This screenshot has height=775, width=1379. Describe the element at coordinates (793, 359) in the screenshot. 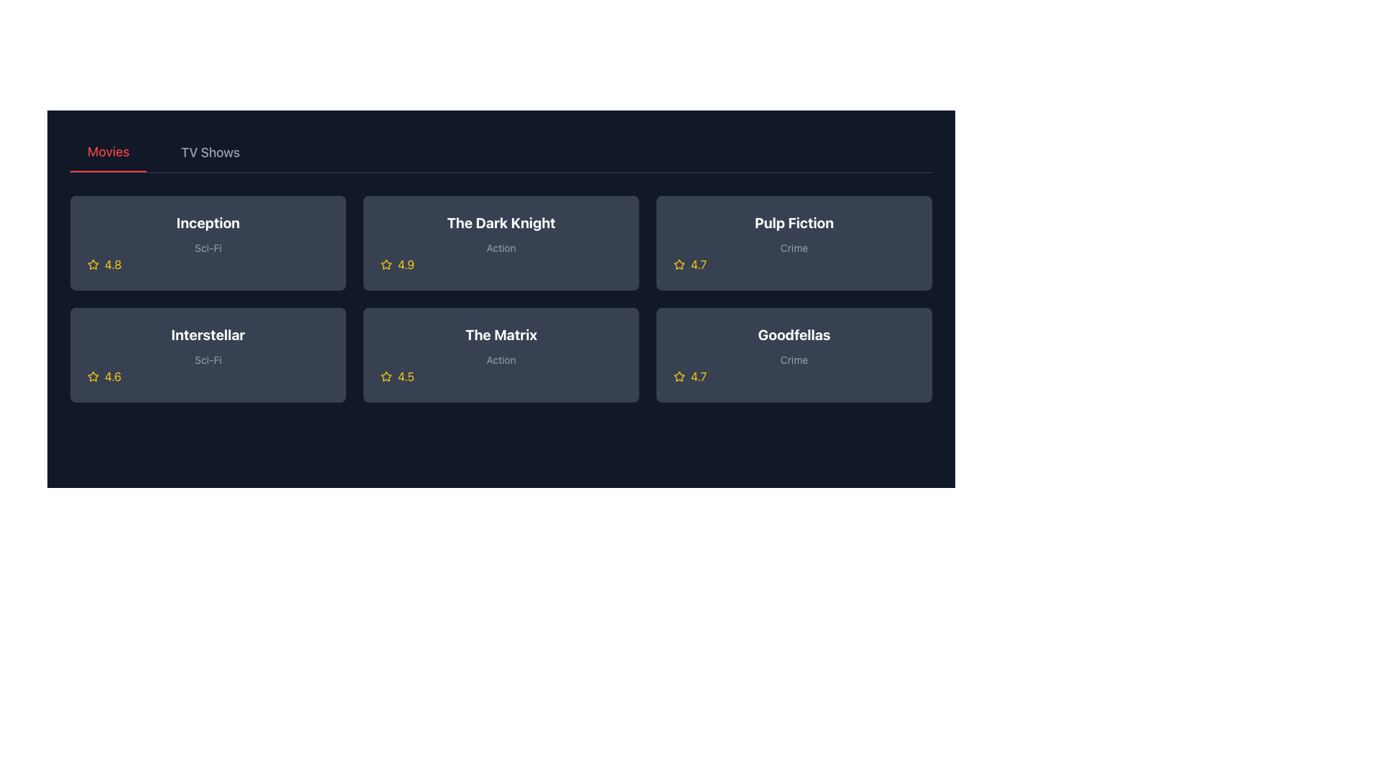

I see `the Static Text Label displaying the word 'Crime' in gray color, located beneath the title 'Goodfellas' in the card-like structure` at that location.